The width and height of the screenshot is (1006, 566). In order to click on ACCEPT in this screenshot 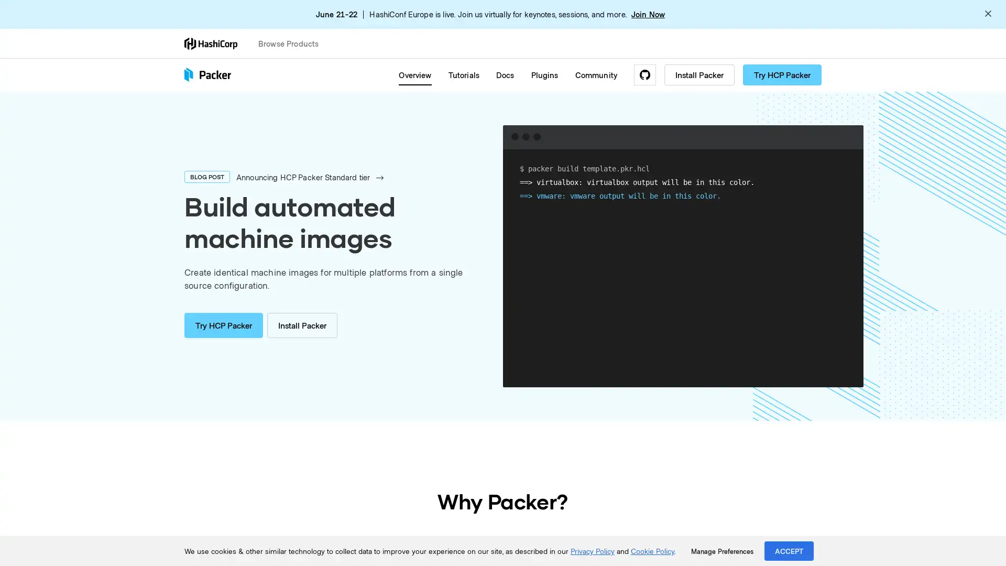, I will do `click(789, 550)`.